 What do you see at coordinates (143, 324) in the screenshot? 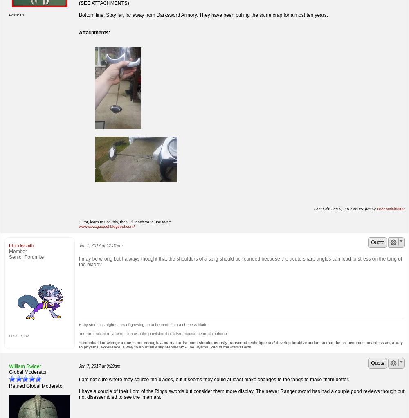
I see `'Baby steel has nightmares of growing up to be made into a cheness blade'` at bounding box center [143, 324].